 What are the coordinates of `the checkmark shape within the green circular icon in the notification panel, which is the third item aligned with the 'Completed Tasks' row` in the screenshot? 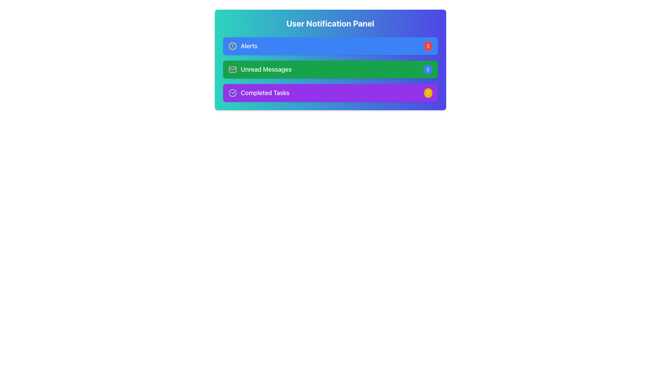 It's located at (233, 91).